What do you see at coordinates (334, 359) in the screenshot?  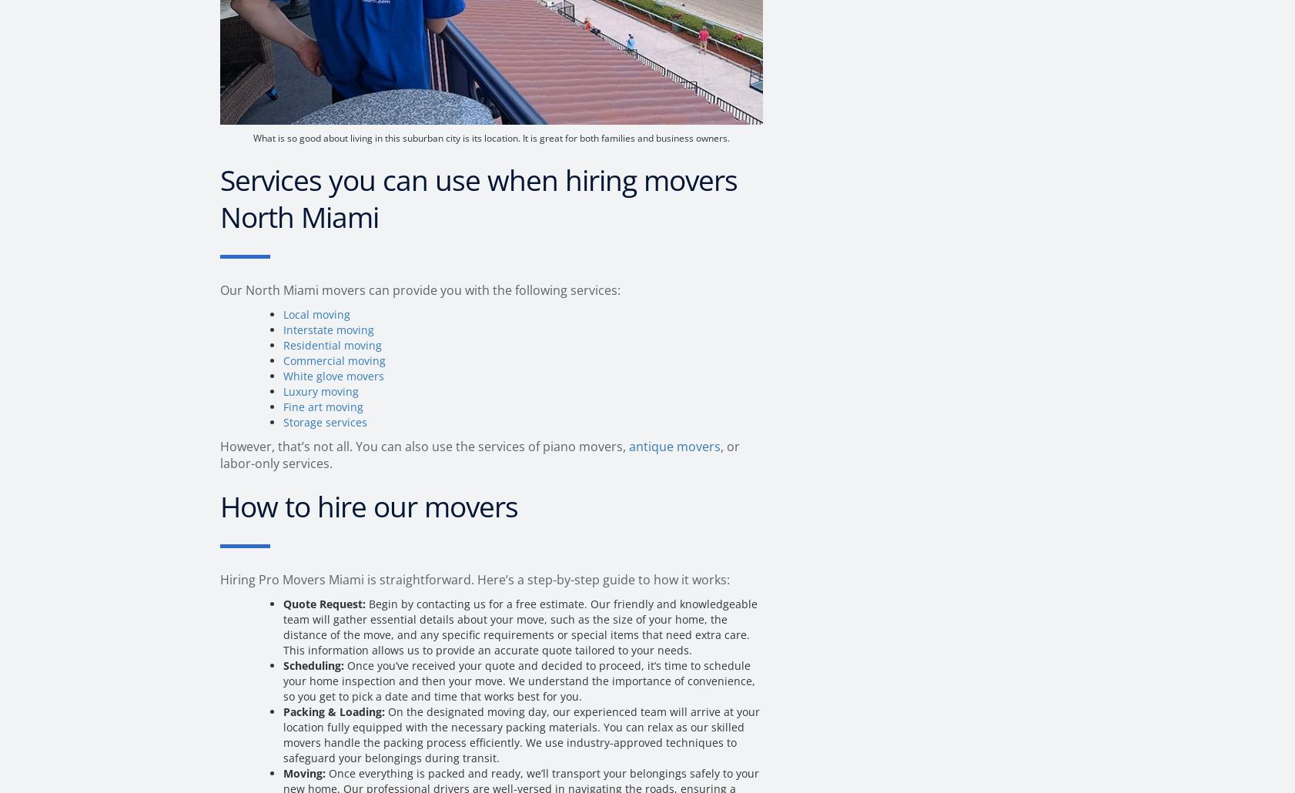 I see `'Commercial moving'` at bounding box center [334, 359].